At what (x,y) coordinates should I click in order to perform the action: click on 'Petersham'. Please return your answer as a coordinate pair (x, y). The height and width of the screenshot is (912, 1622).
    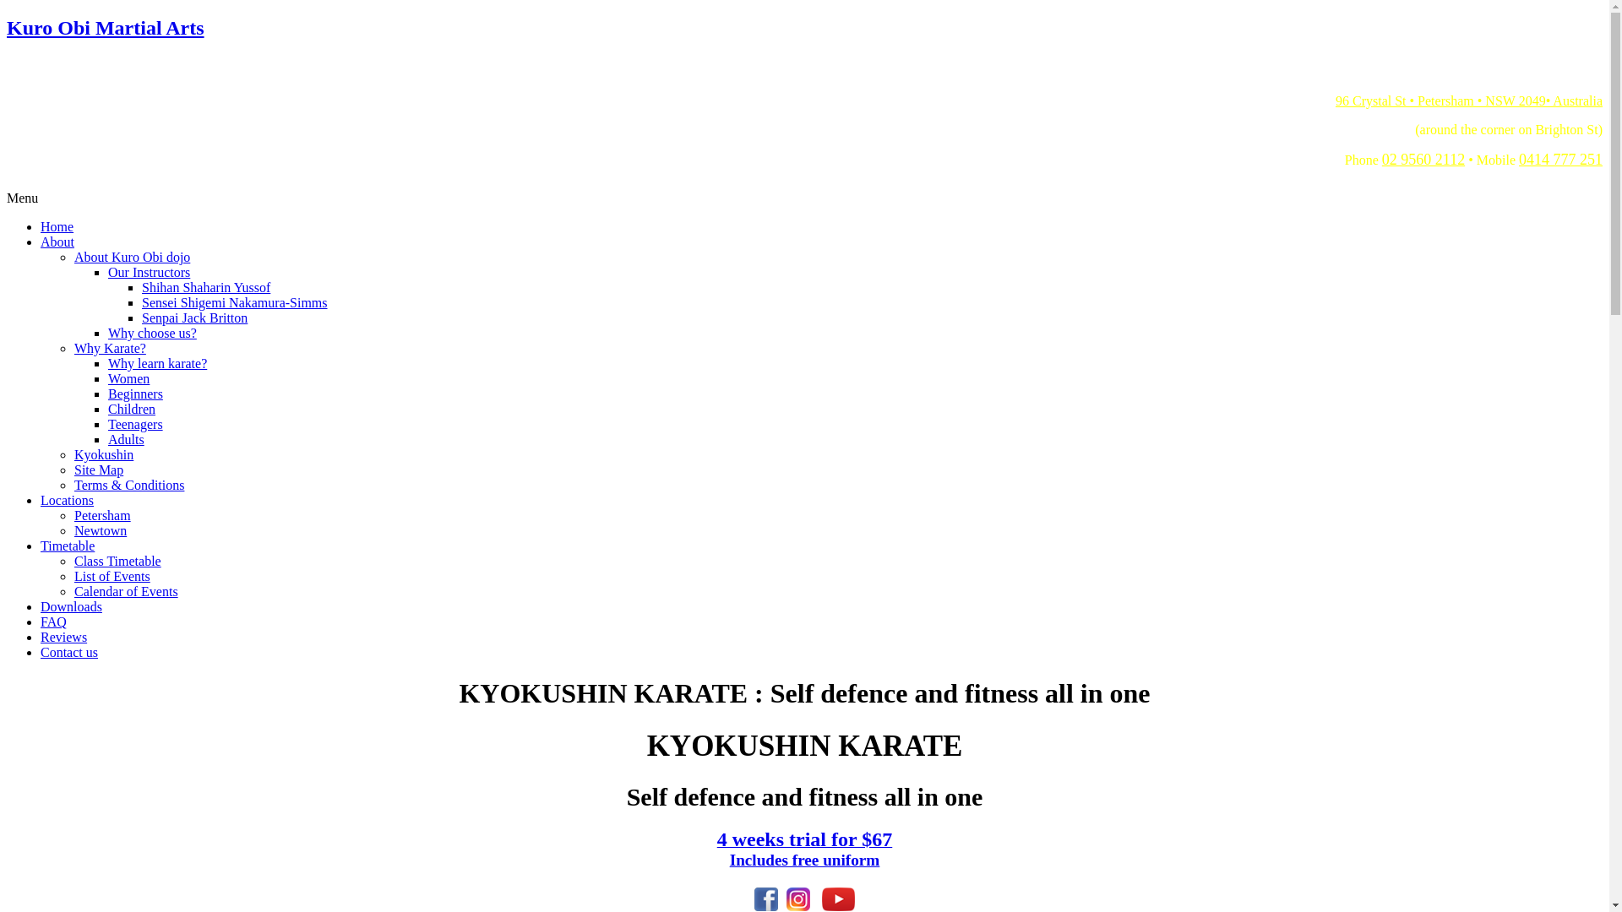
    Looking at the image, I should click on (73, 514).